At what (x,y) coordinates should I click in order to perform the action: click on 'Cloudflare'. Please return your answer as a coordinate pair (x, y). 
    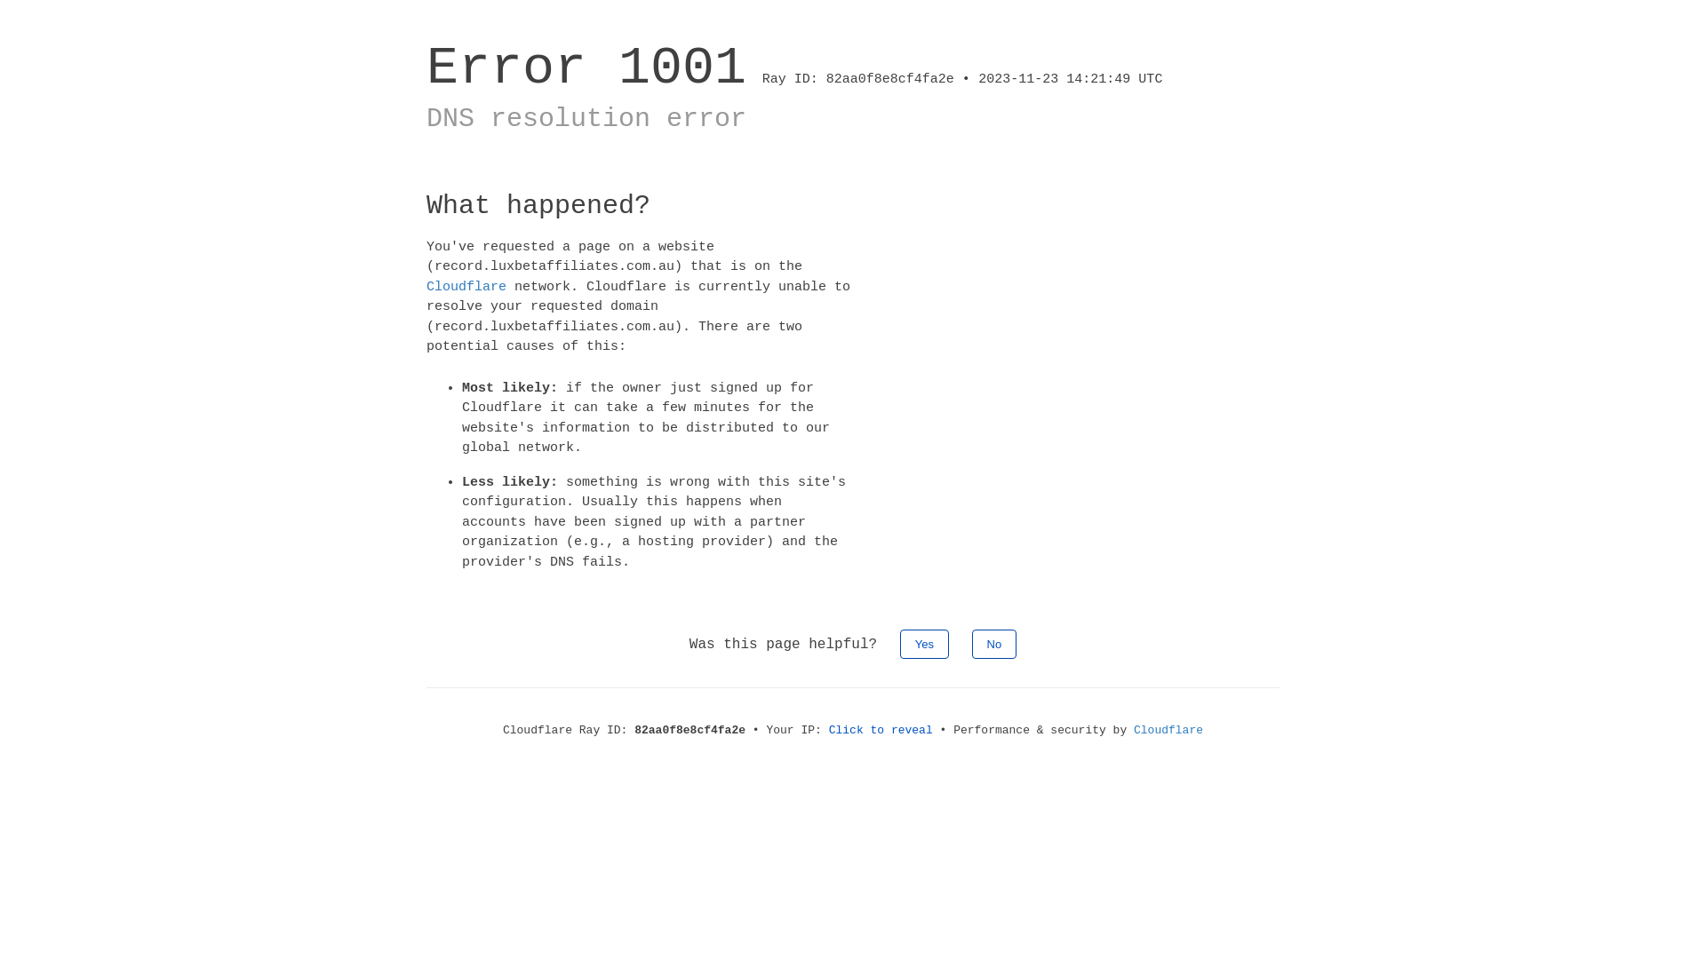
    Looking at the image, I should click on (1168, 730).